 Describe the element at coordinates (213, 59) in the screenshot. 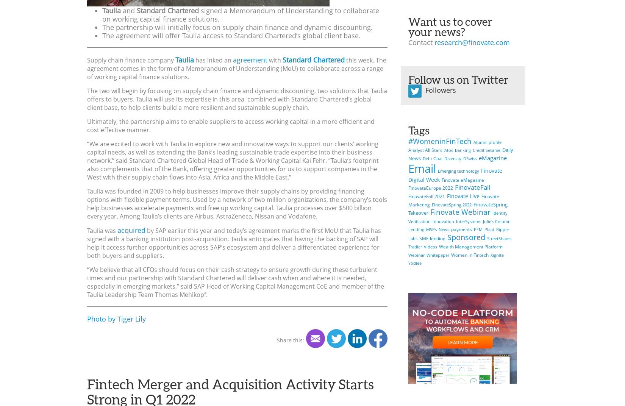

I see `'has inked an'` at that location.